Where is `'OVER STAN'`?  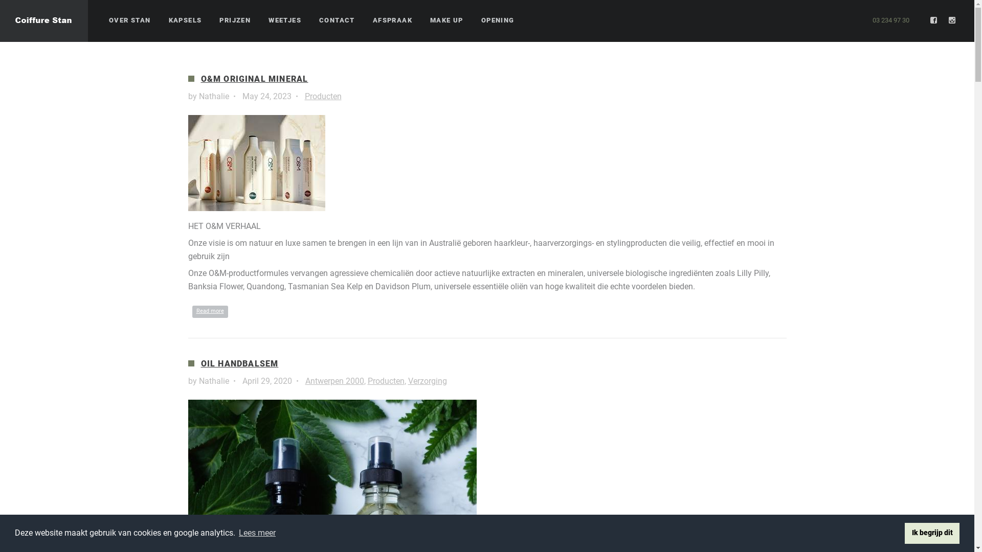 'OVER STAN' is located at coordinates (129, 20).